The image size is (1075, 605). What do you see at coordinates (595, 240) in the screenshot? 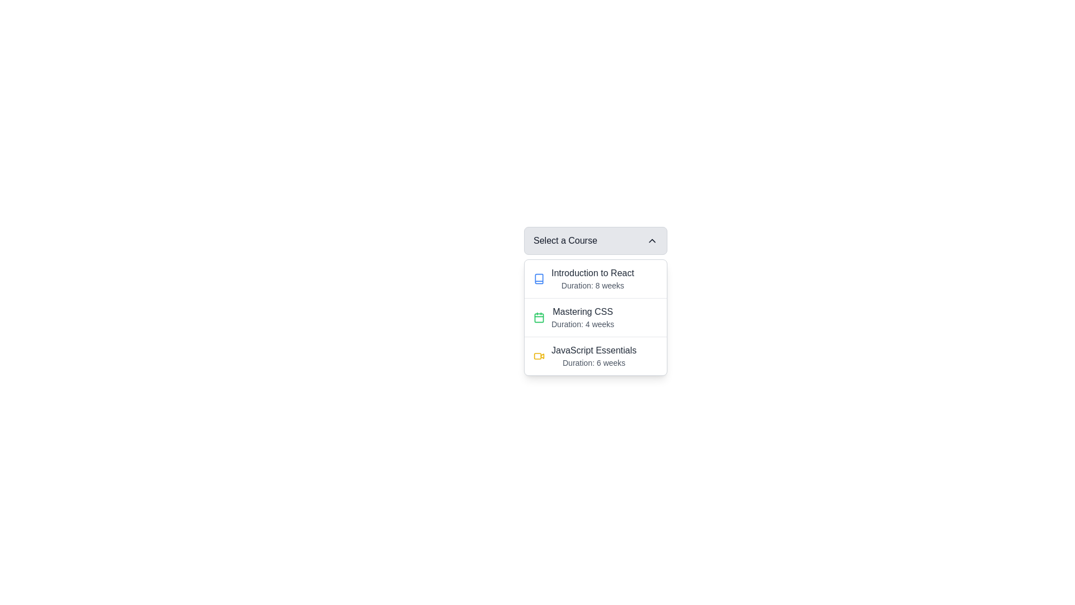
I see `the 'Select a Course' dropdown menu header and toggle element, which has a gray background and a chevron icon on the right side` at bounding box center [595, 240].